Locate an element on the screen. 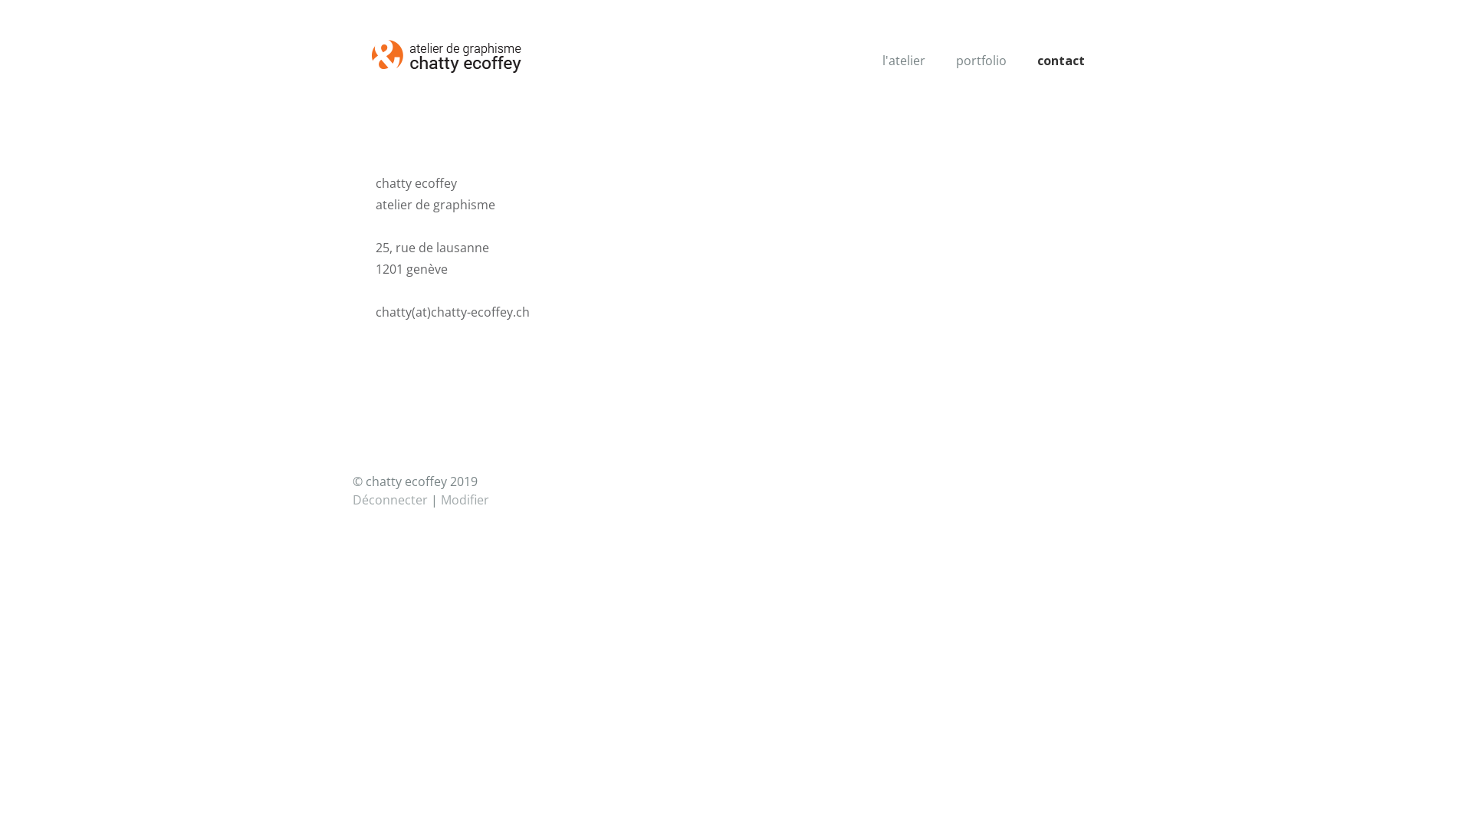 This screenshot has height=828, width=1472. 'Modifier' is located at coordinates (464, 499).